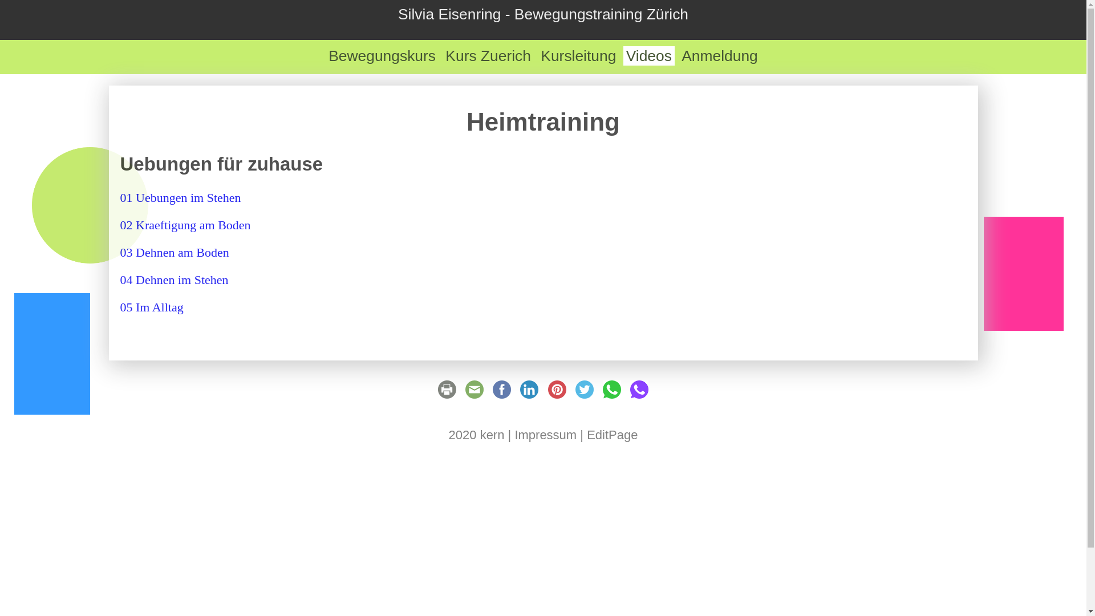 The image size is (1095, 616). I want to click on '04 Dehnen im Stehen', so click(173, 279).